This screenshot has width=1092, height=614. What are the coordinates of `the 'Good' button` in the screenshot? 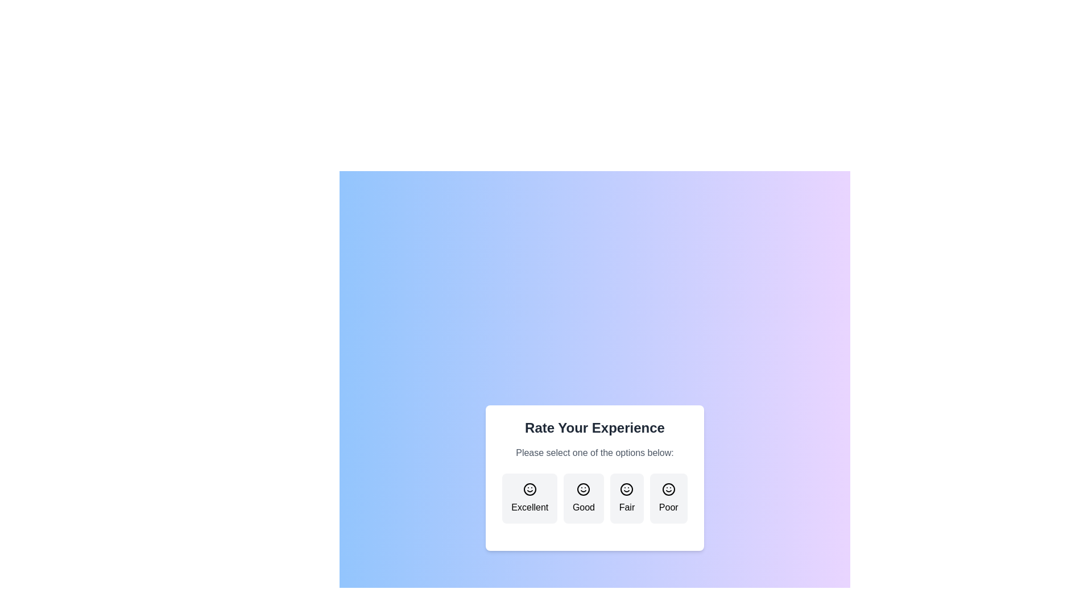 It's located at (594, 478).